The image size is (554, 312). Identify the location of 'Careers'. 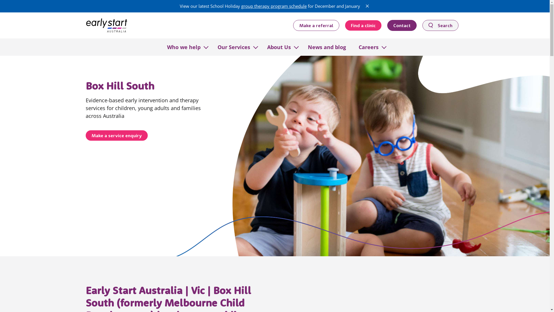
(368, 47).